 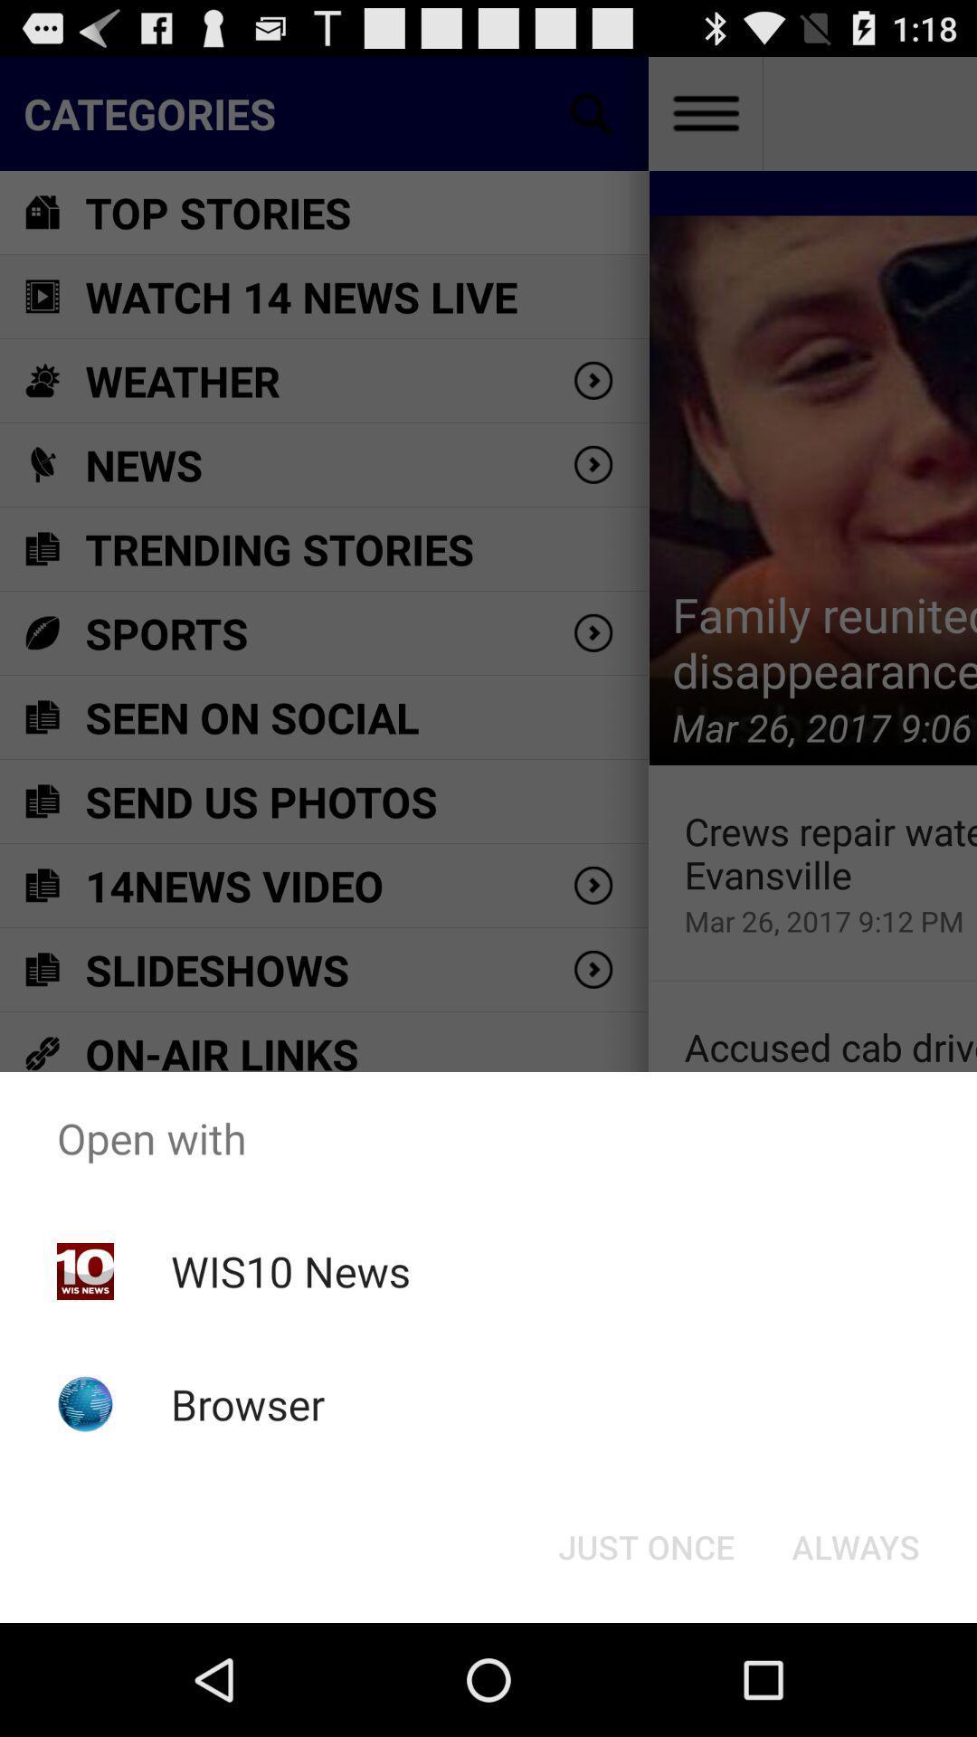 I want to click on just once, so click(x=645, y=1545).